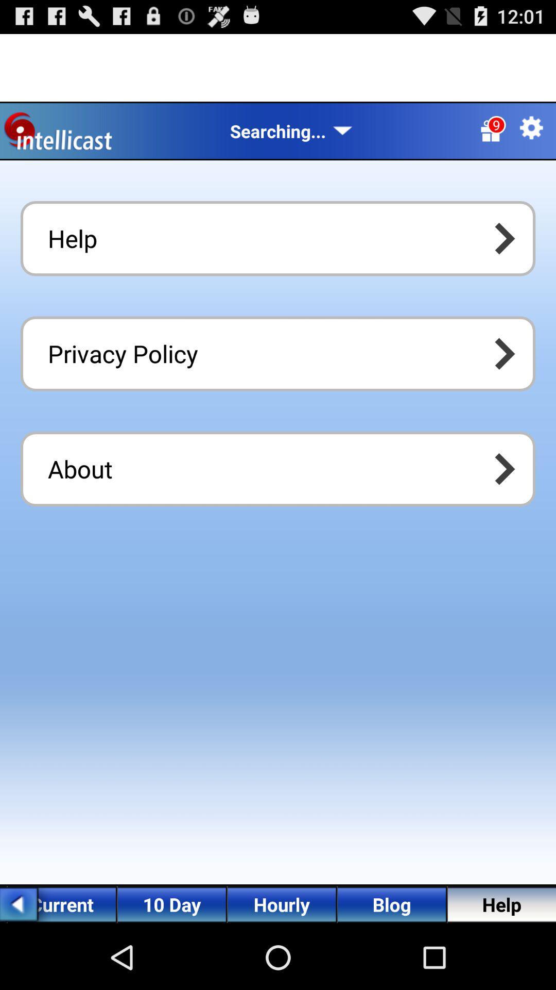 The image size is (556, 990). What do you see at coordinates (531, 136) in the screenshot?
I see `the settings icon` at bounding box center [531, 136].